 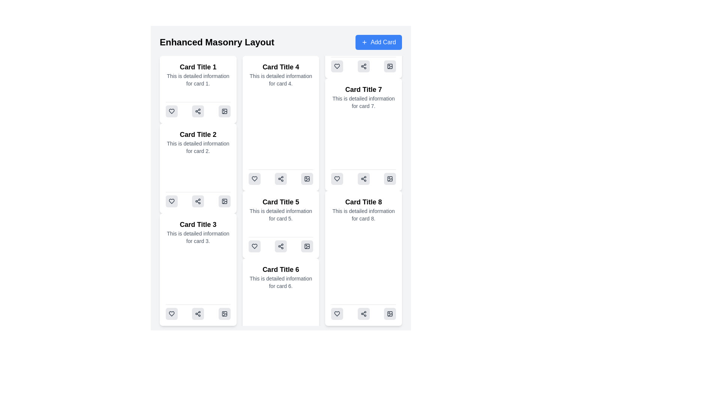 I want to click on the icon button resembling a share symbol located in the upper-right section of the card labeled 'Card Title 7', positioned between a heart icon and an image icon, so click(x=363, y=66).